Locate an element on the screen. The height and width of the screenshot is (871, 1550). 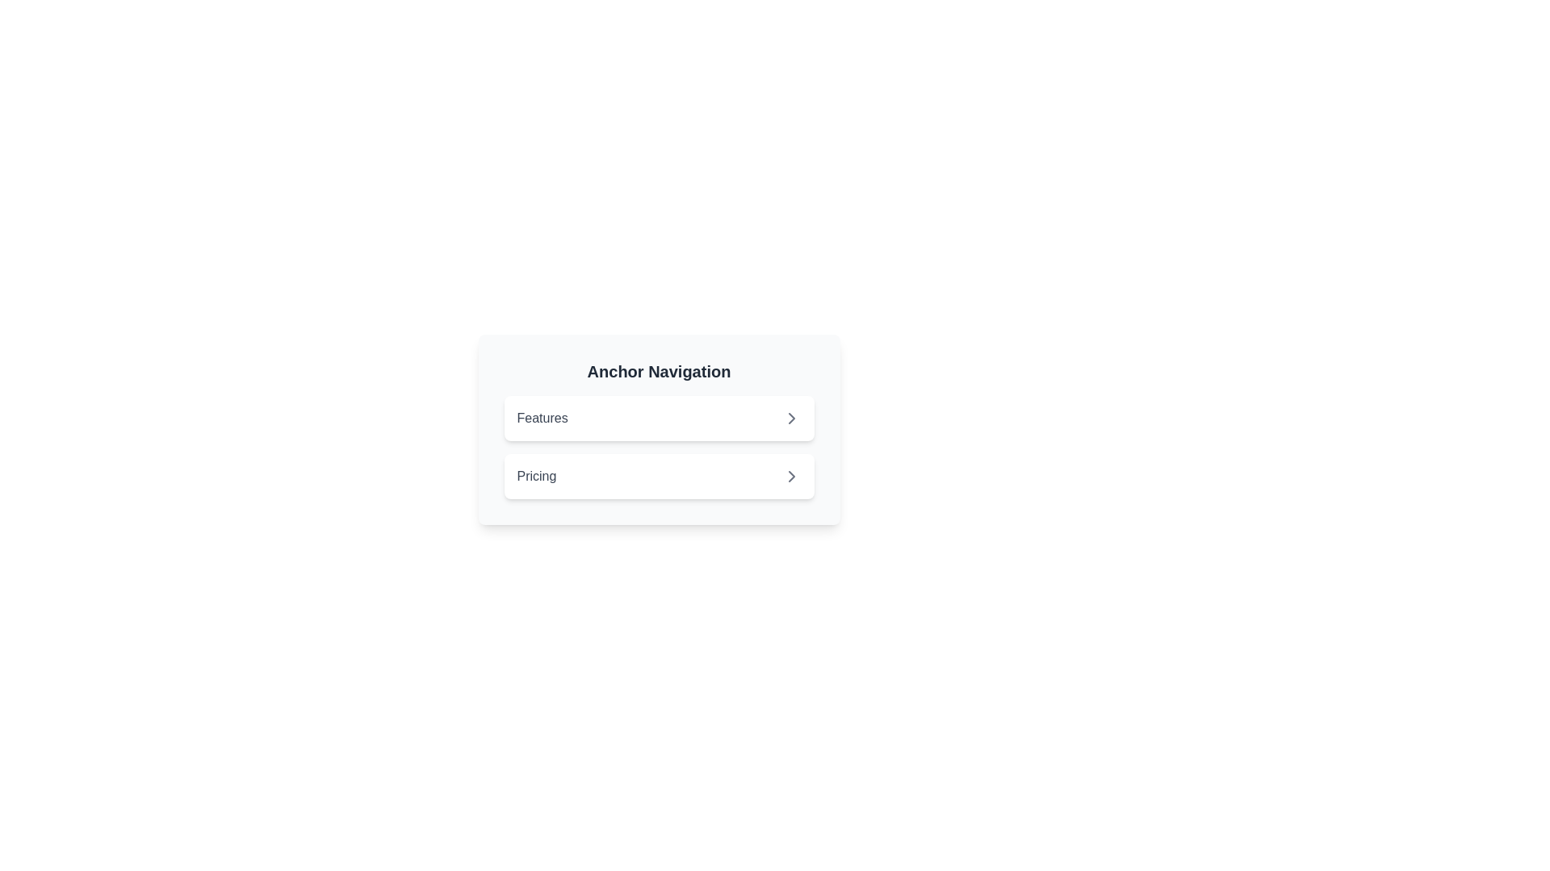
the arrow icon located on the right side of the 'Pricing' row is located at coordinates (791, 475).